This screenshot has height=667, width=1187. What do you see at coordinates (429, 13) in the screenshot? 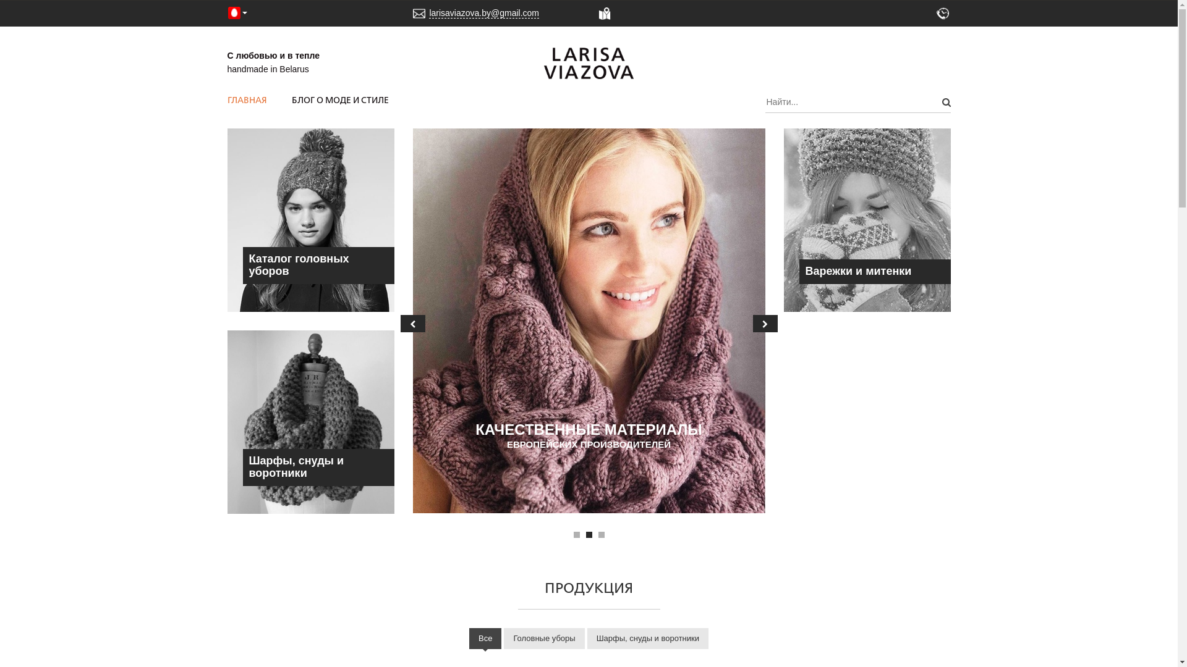
I see `'larisaviazova.by@gmail.com'` at bounding box center [429, 13].